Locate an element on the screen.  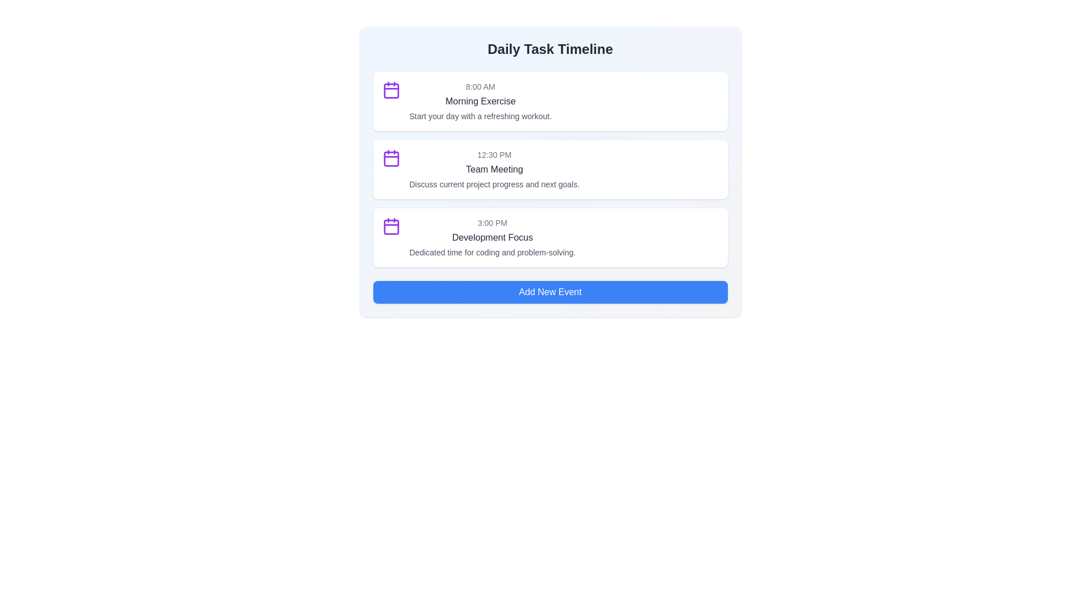
the Event display card in the Daily Task Timeline interface is located at coordinates (494, 170).